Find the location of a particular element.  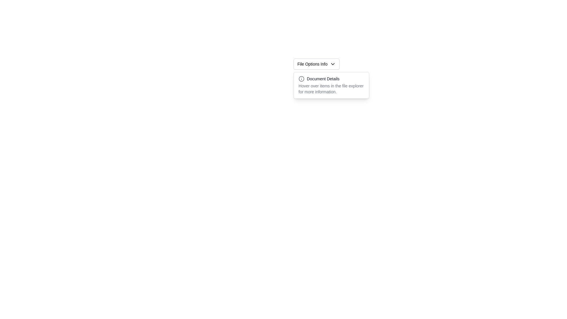

the 'Document Details' icon located within the dropdown menu, which visually represents the option for accessing document information is located at coordinates (302, 78).